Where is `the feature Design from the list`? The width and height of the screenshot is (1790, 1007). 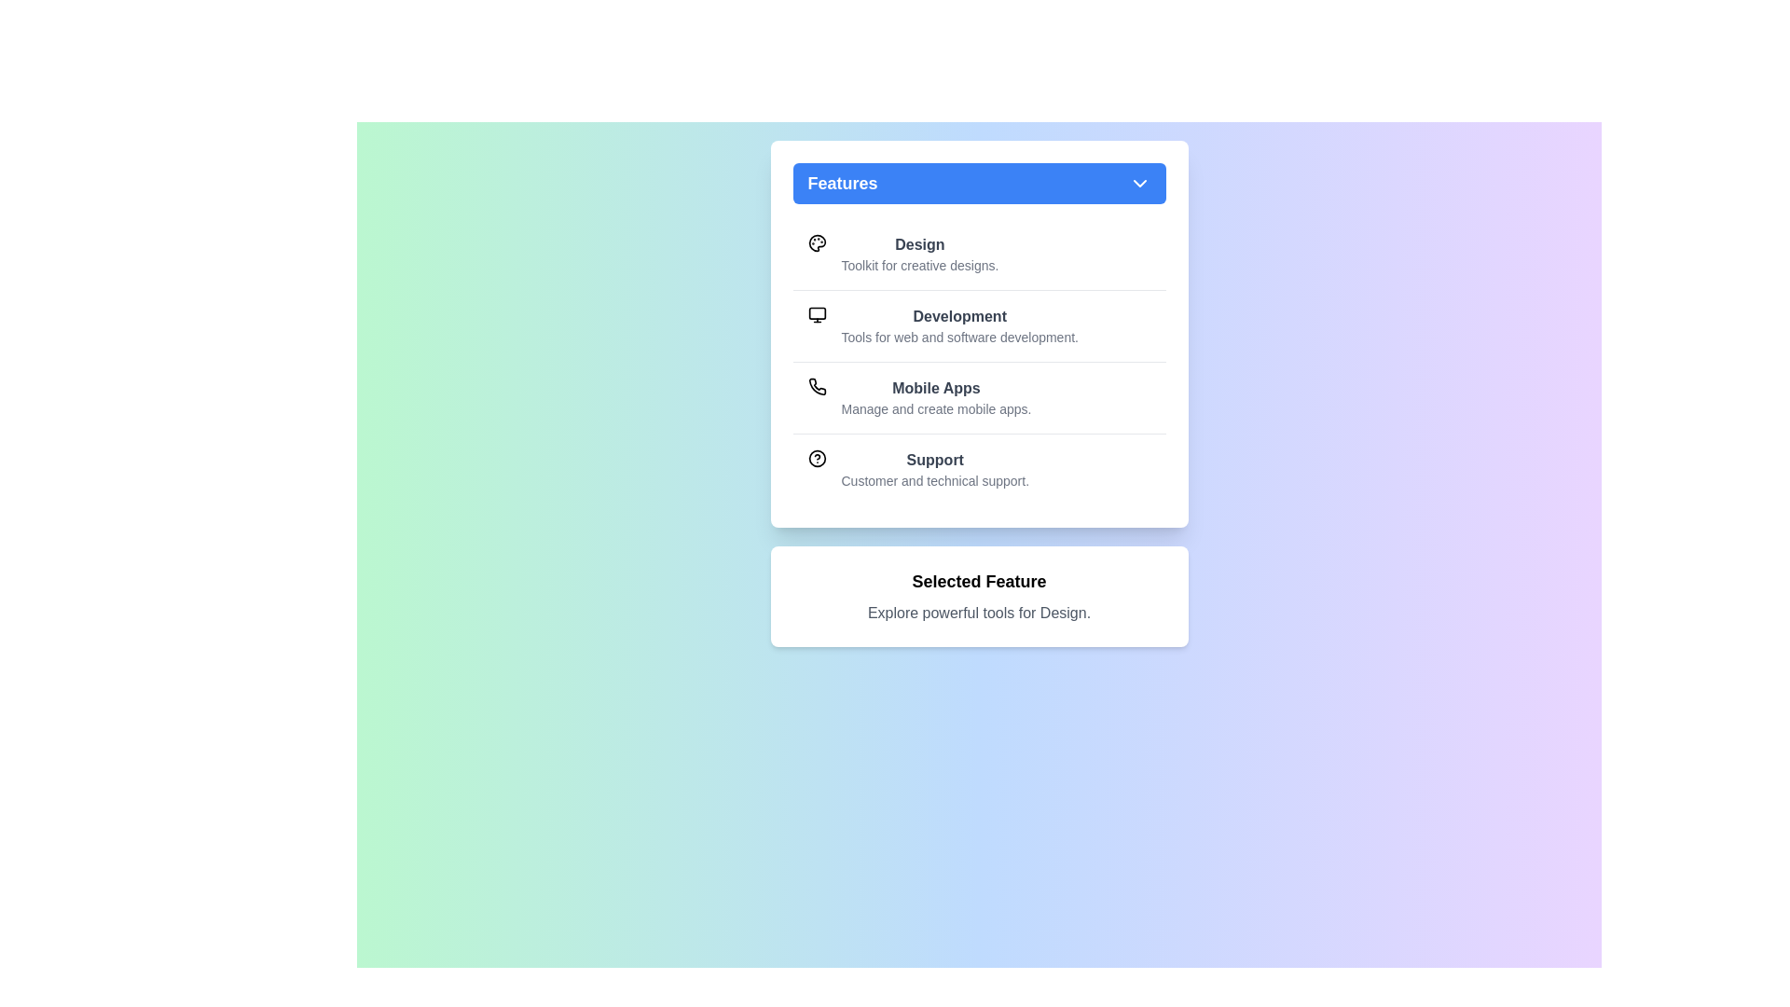
the feature Design from the list is located at coordinates (978, 255).